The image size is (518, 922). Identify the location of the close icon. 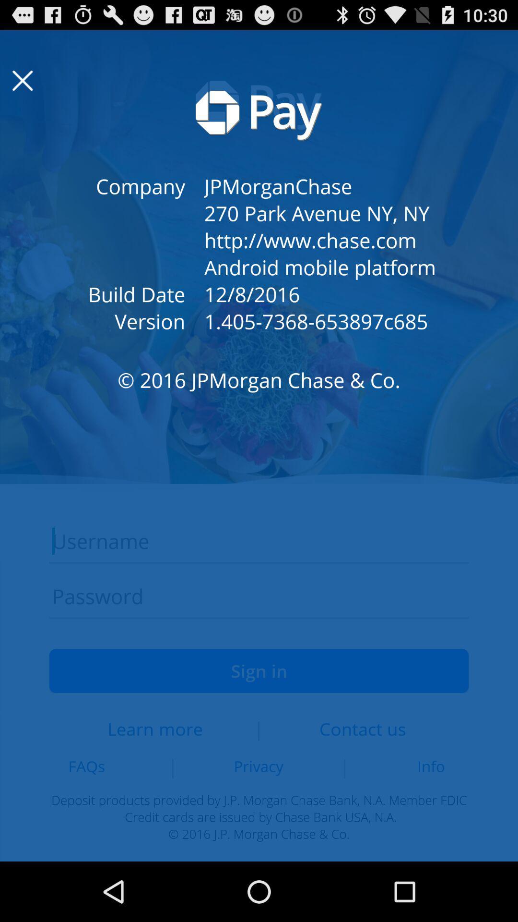
(17, 78).